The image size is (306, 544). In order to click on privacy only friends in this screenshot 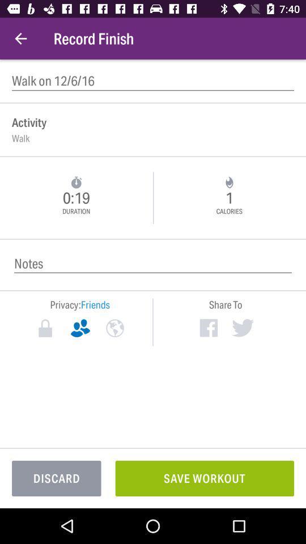, I will do `click(79, 328)`.